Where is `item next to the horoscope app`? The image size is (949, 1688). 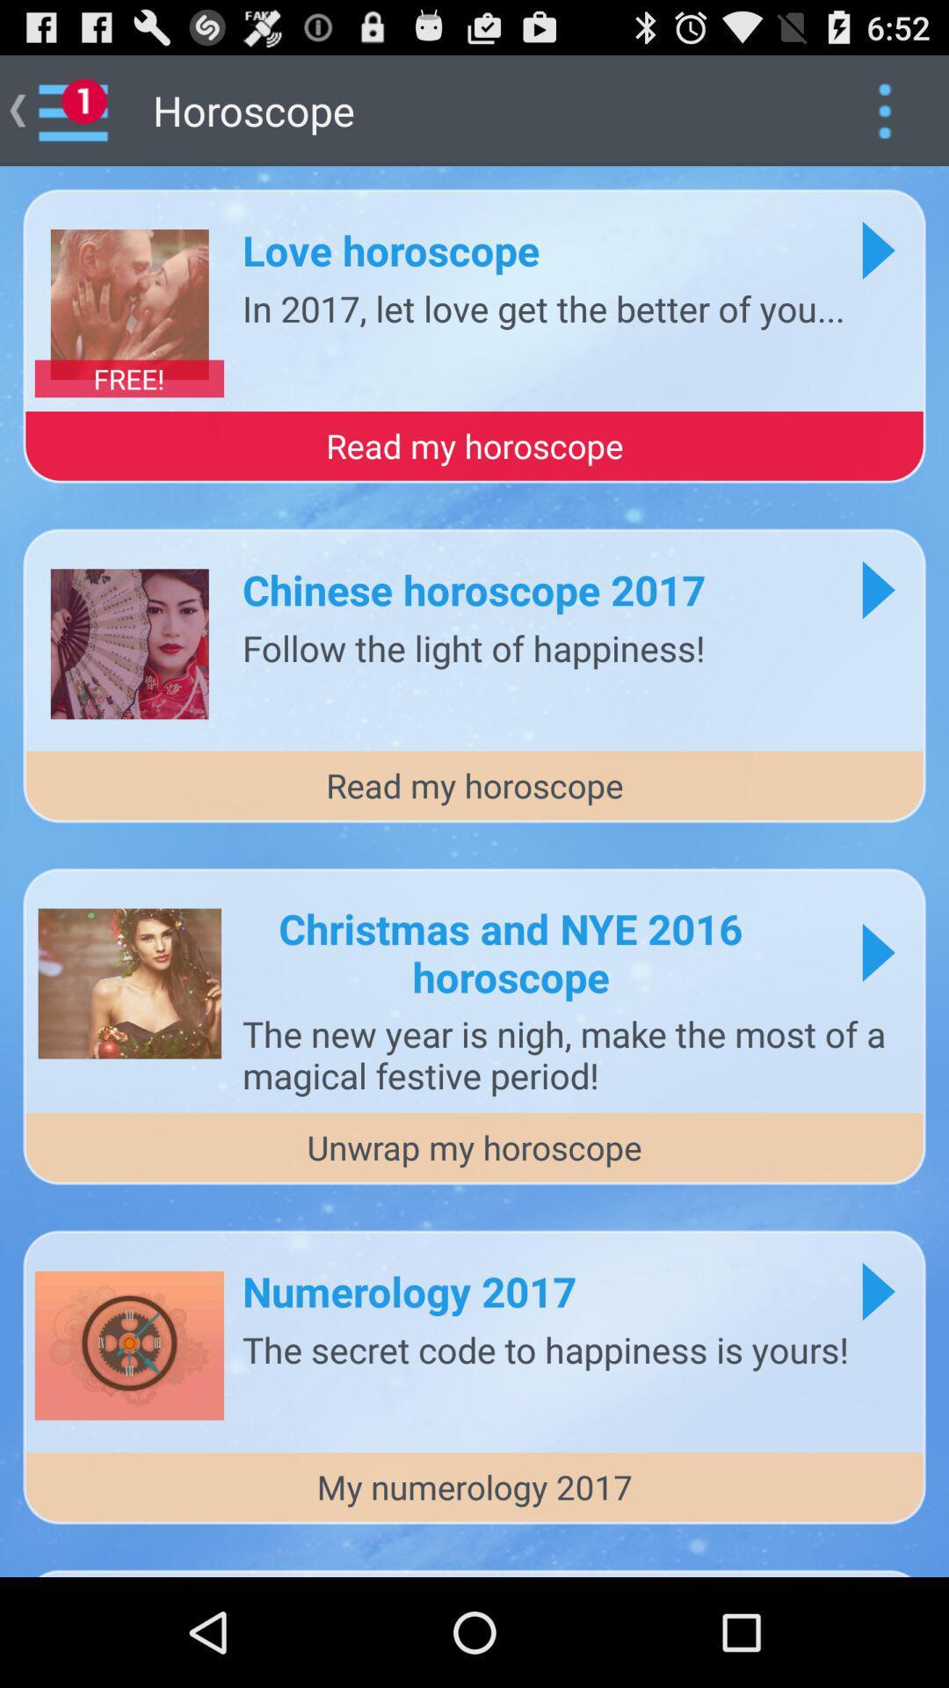
item next to the horoscope app is located at coordinates (884, 109).